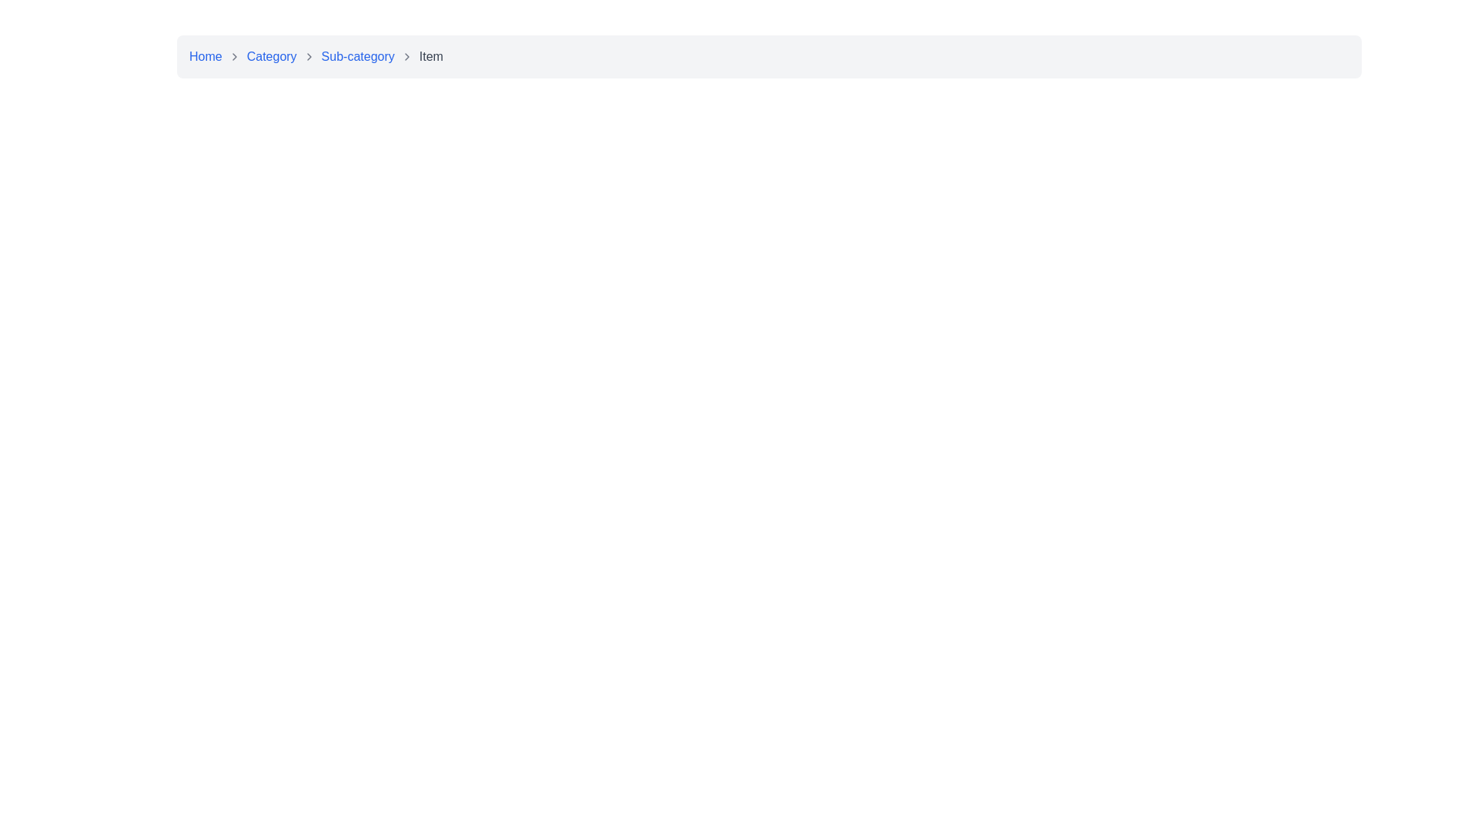 The image size is (1478, 831). Describe the element at coordinates (357, 55) in the screenshot. I see `the 'Sub-category' hyperlink text label` at that location.